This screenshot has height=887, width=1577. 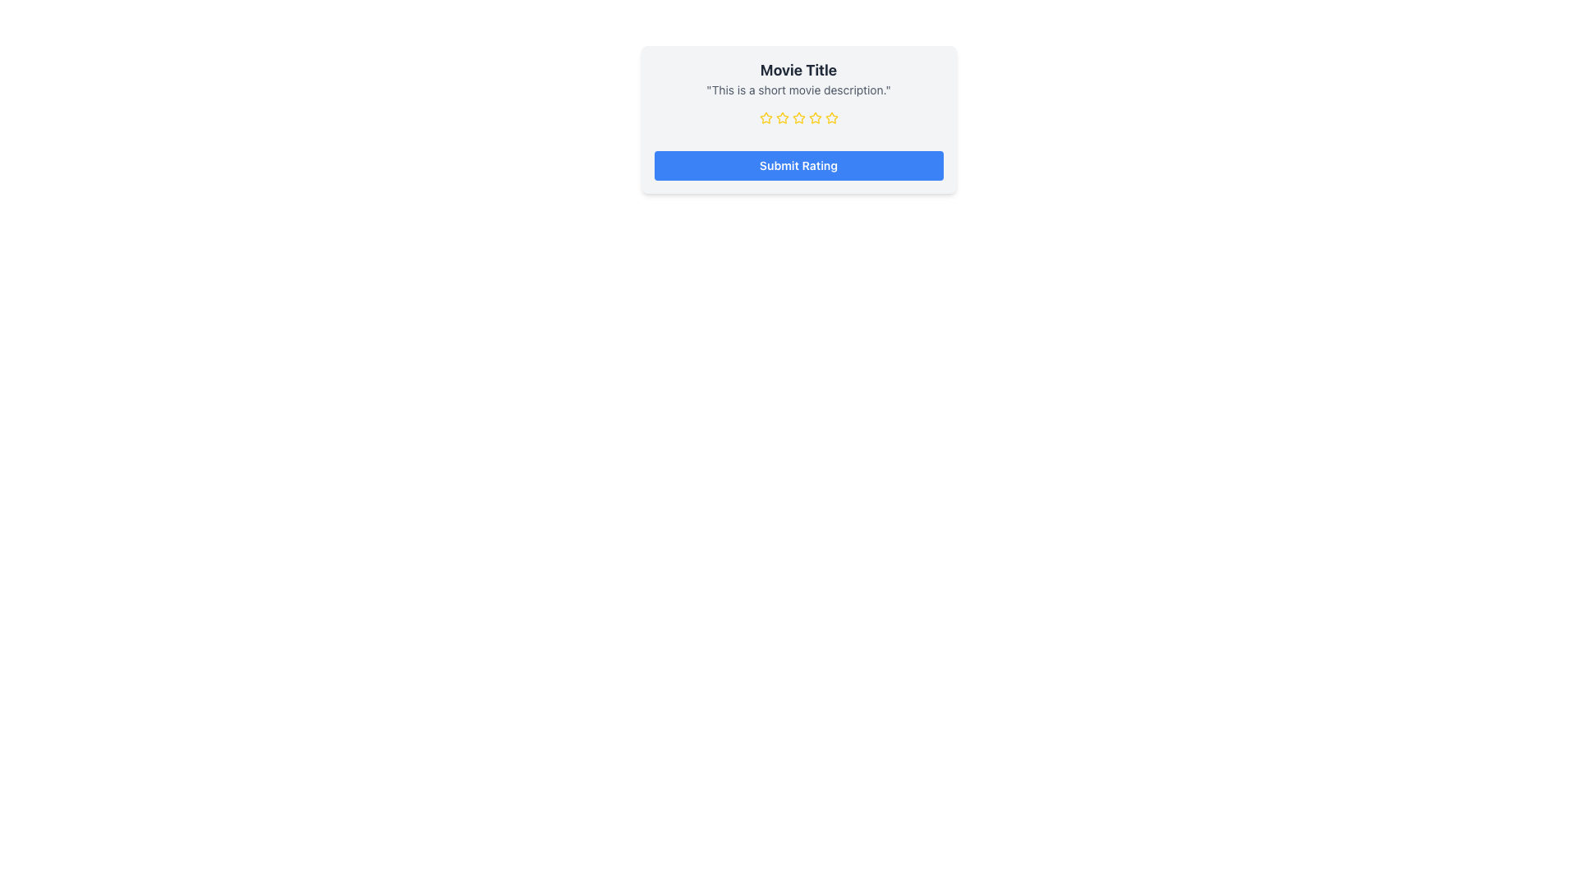 I want to click on the third yellow star icon with a hollow center to rate it, located below the movie description and above the Submit Rating button, so click(x=781, y=117).